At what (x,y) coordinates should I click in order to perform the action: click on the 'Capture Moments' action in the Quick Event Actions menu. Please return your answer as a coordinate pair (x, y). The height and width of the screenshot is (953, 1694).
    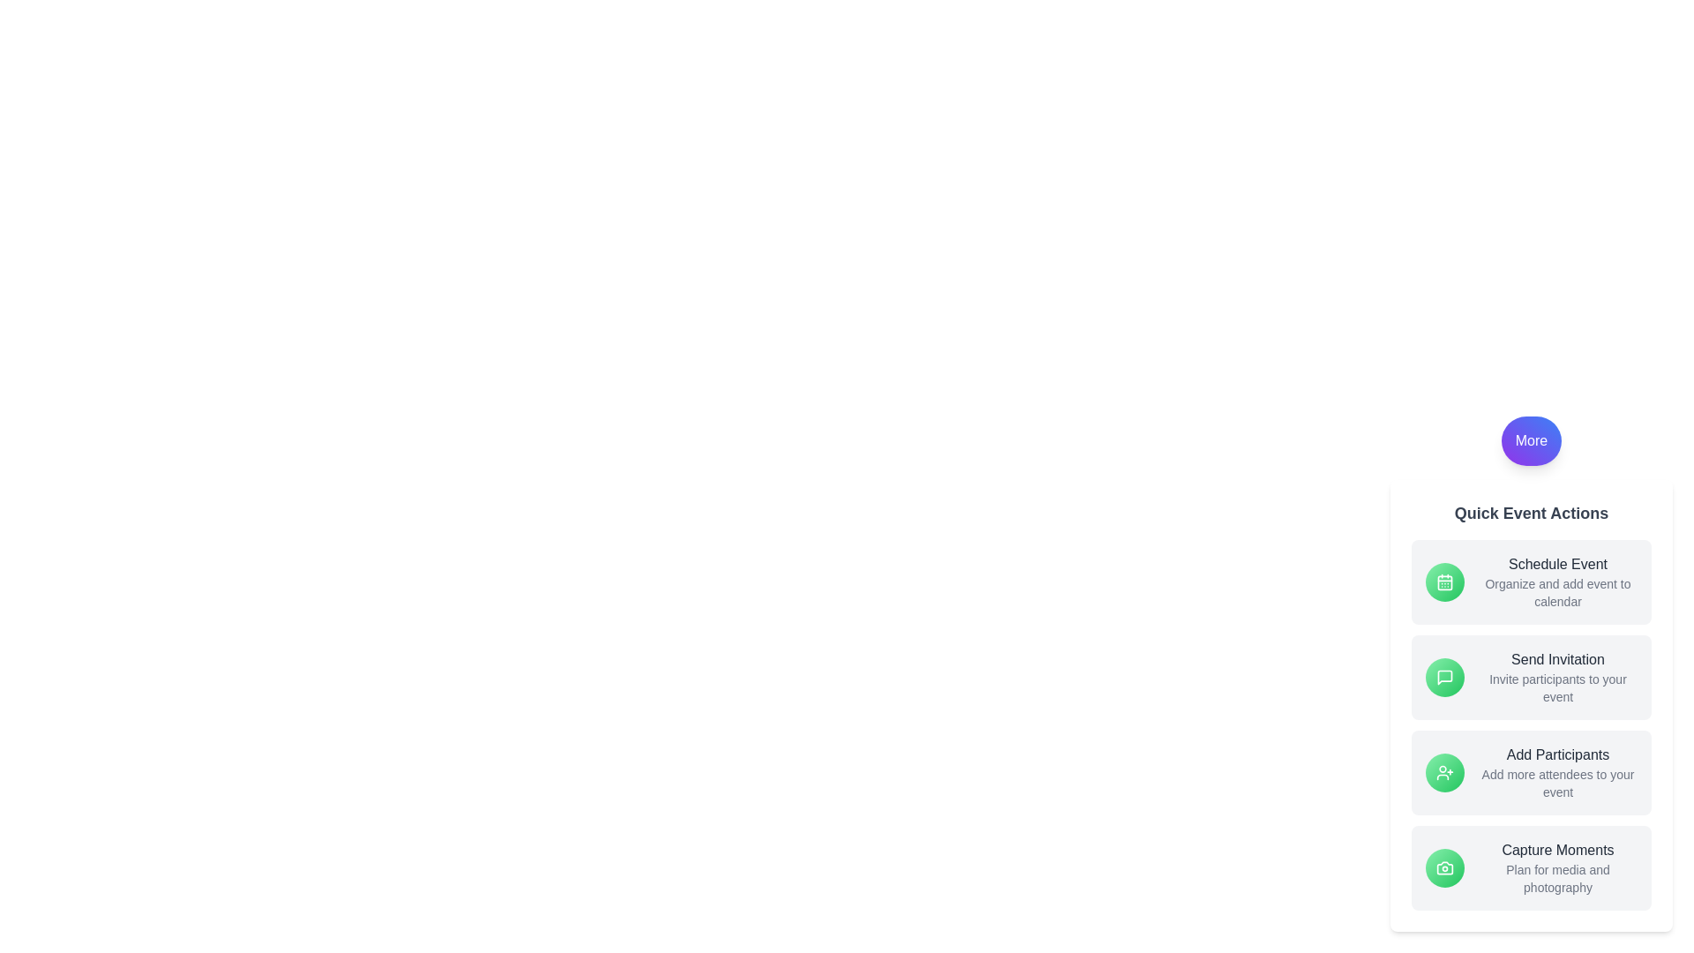
    Looking at the image, I should click on (1531, 867).